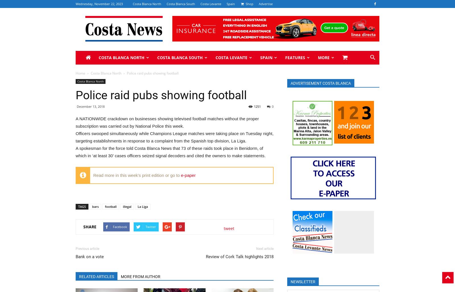  I want to click on '0', so click(272, 106).